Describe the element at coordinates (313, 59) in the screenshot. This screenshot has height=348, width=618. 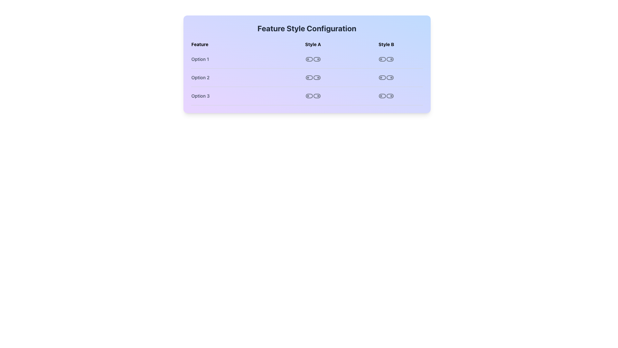
I see `the linked toggle buttons in the 'Style A' column of the 'Option 1' row, which serves as a toggle or state indicator for a feature option` at that location.